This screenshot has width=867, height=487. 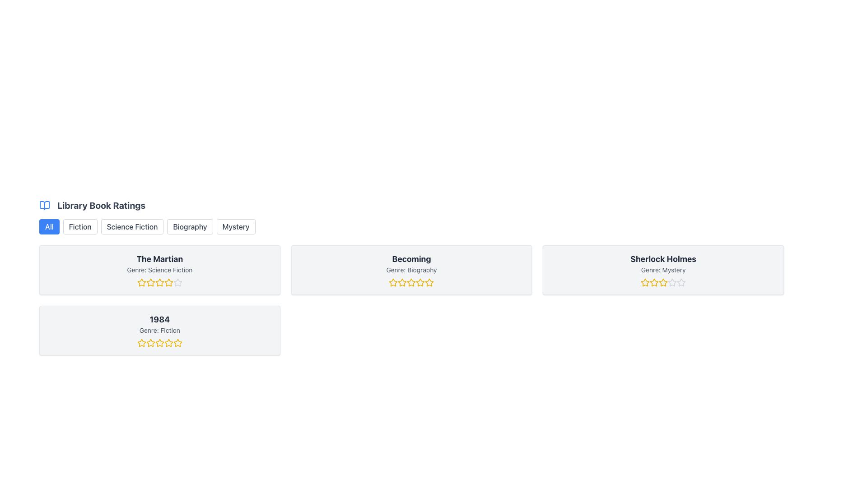 I want to click on the static text label that displays 'Genre: Mystery', which is styled in gray and positioned below the title 'Sherlock Holmes', so click(x=663, y=269).